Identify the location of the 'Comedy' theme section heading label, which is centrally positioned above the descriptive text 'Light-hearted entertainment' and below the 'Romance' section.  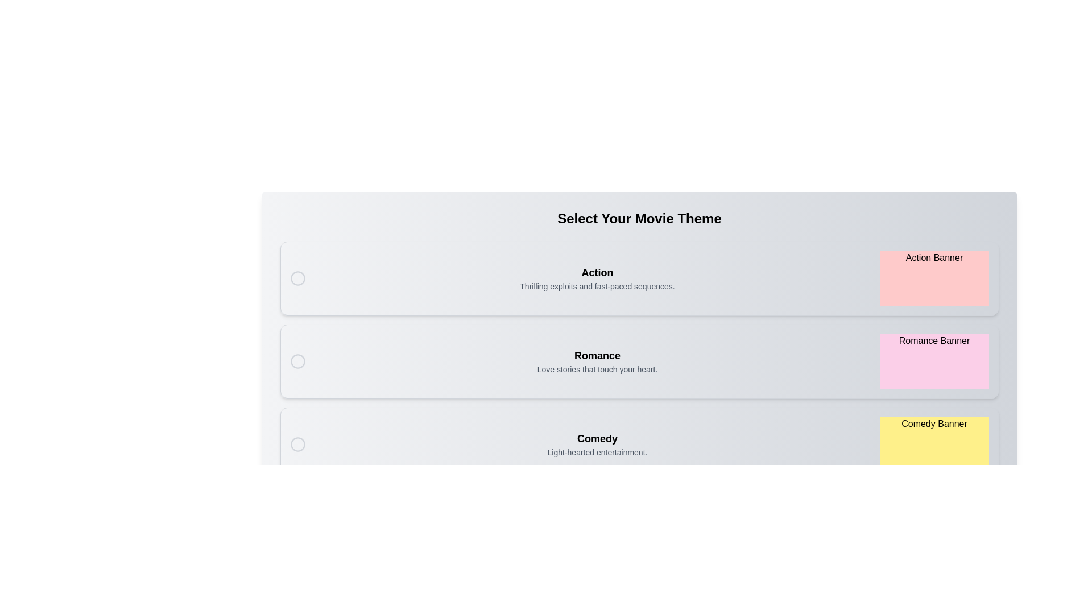
(597, 438).